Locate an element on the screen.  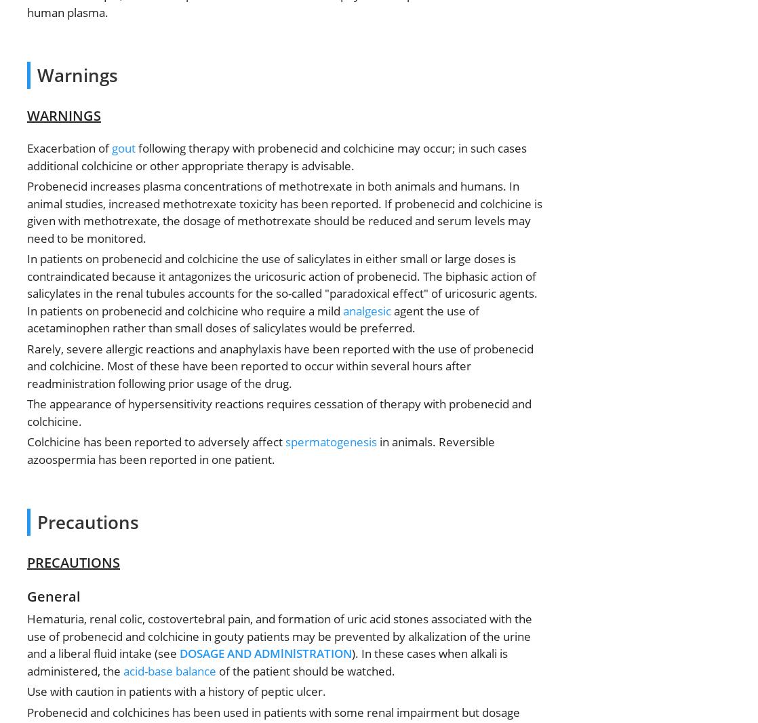
'Colchicine has been reported to adversely affect' is located at coordinates (156, 441).